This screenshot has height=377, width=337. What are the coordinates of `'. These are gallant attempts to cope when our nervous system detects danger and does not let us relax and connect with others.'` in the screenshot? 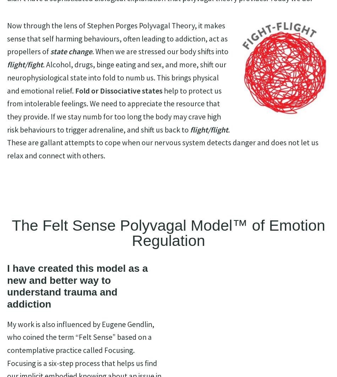 It's located at (7, 142).